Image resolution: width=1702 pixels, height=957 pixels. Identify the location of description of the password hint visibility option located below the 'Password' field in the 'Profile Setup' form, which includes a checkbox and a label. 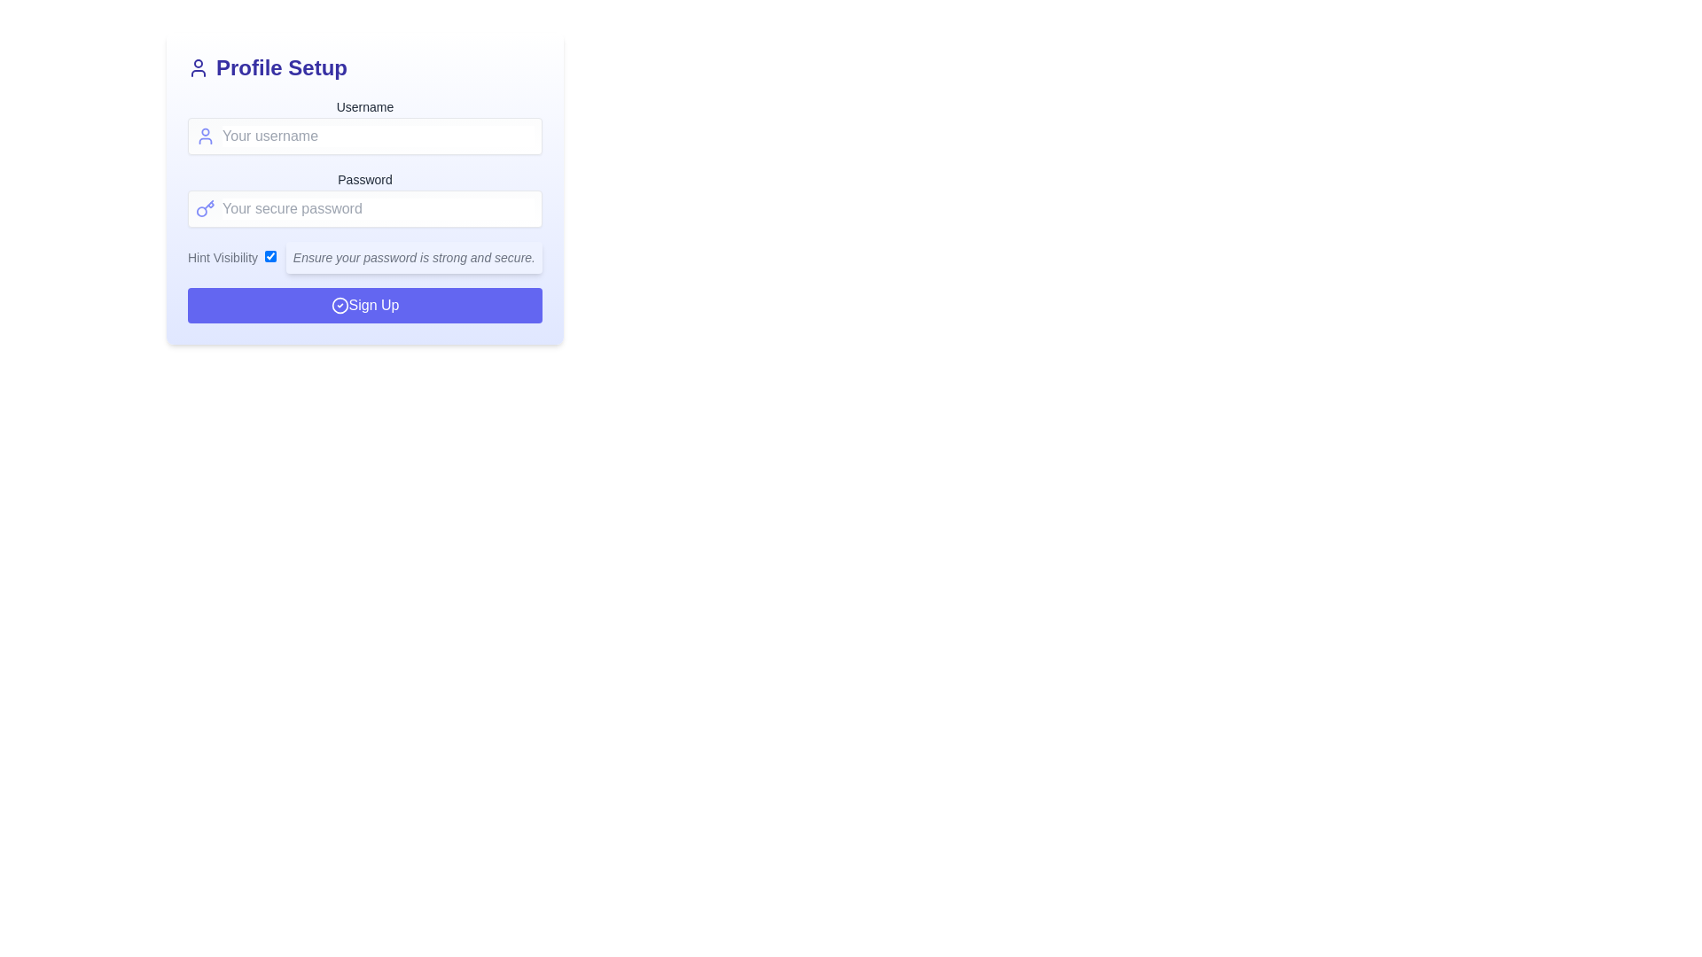
(364, 257).